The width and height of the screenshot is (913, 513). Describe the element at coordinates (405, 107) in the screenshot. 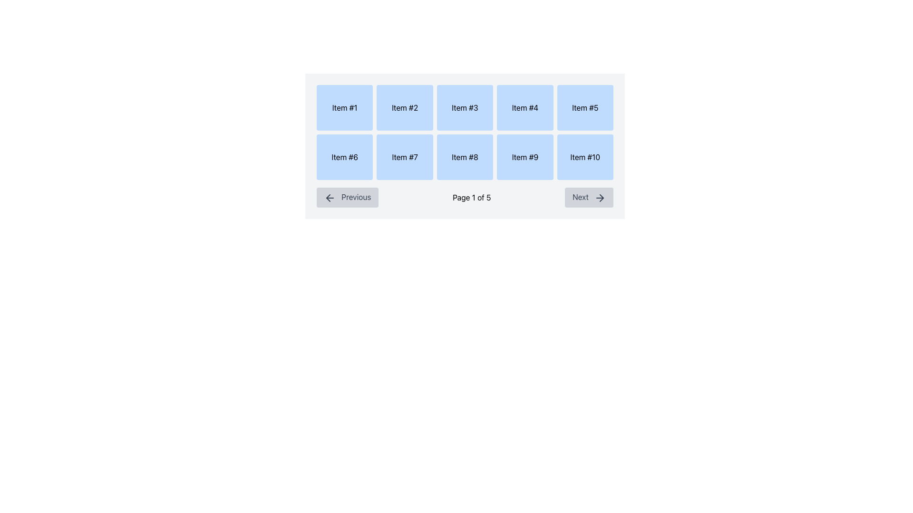

I see `the second display card` at that location.